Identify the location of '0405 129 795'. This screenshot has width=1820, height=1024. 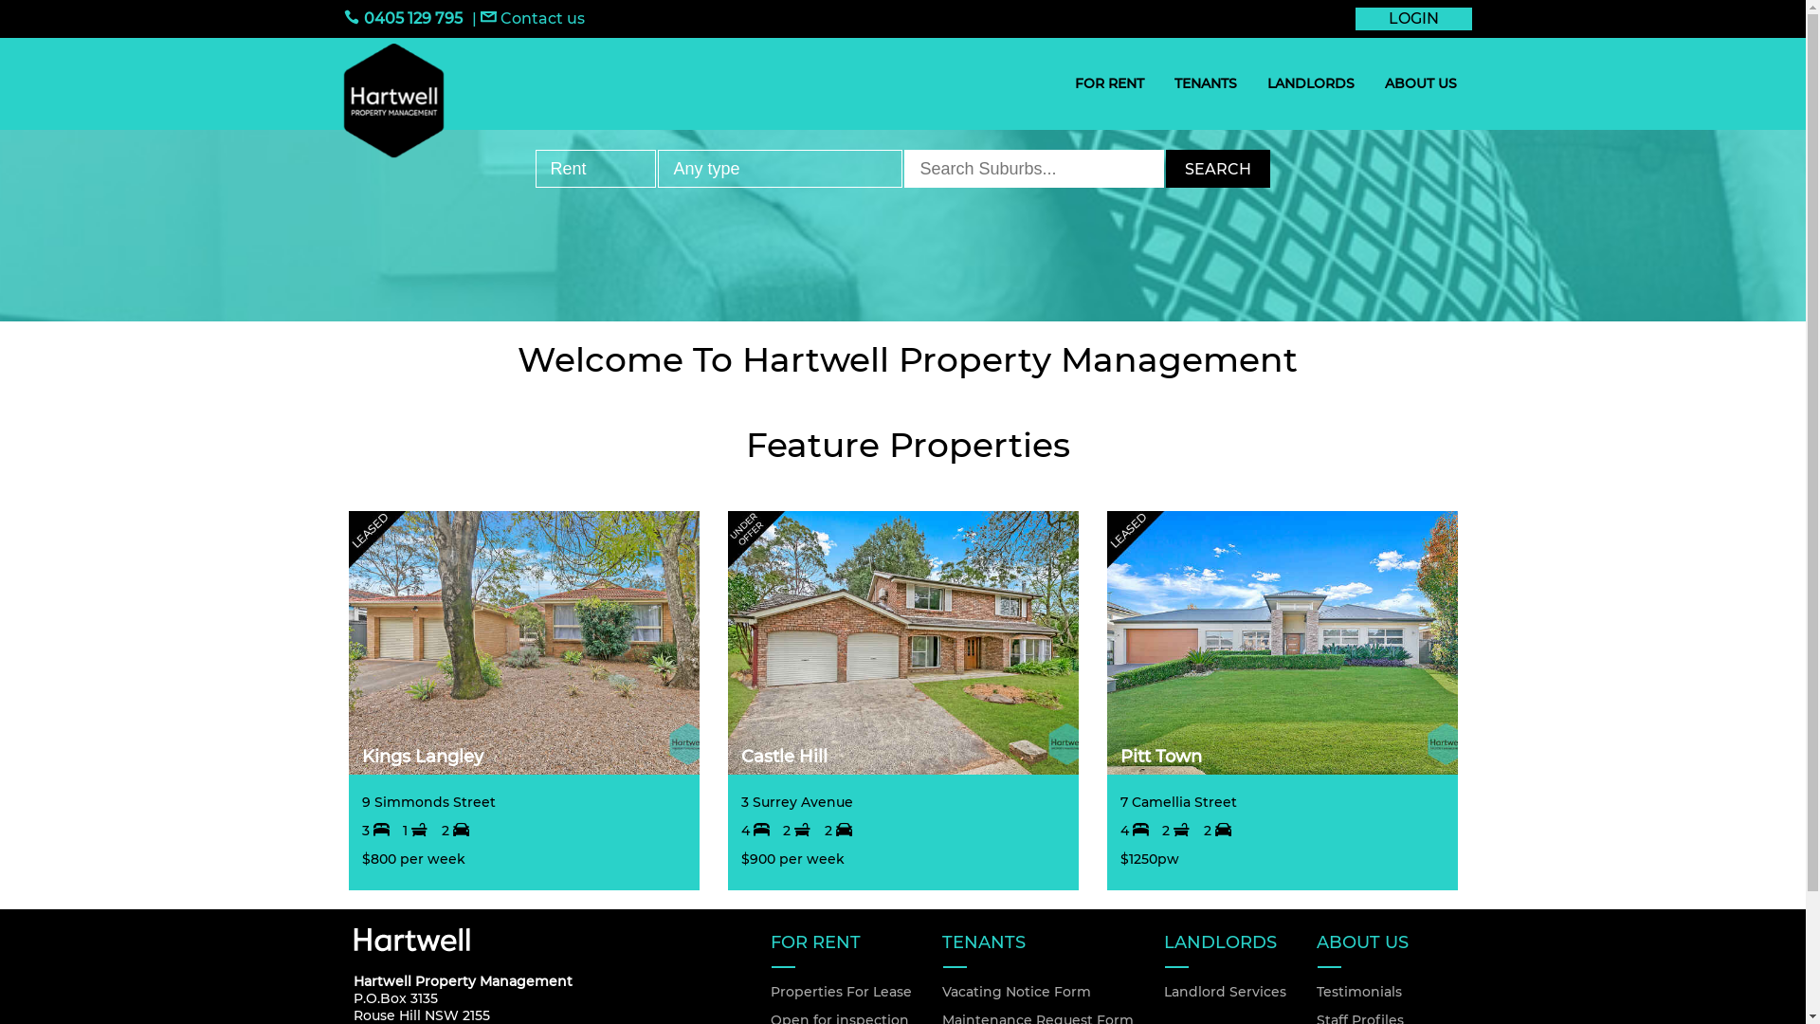
(342, 18).